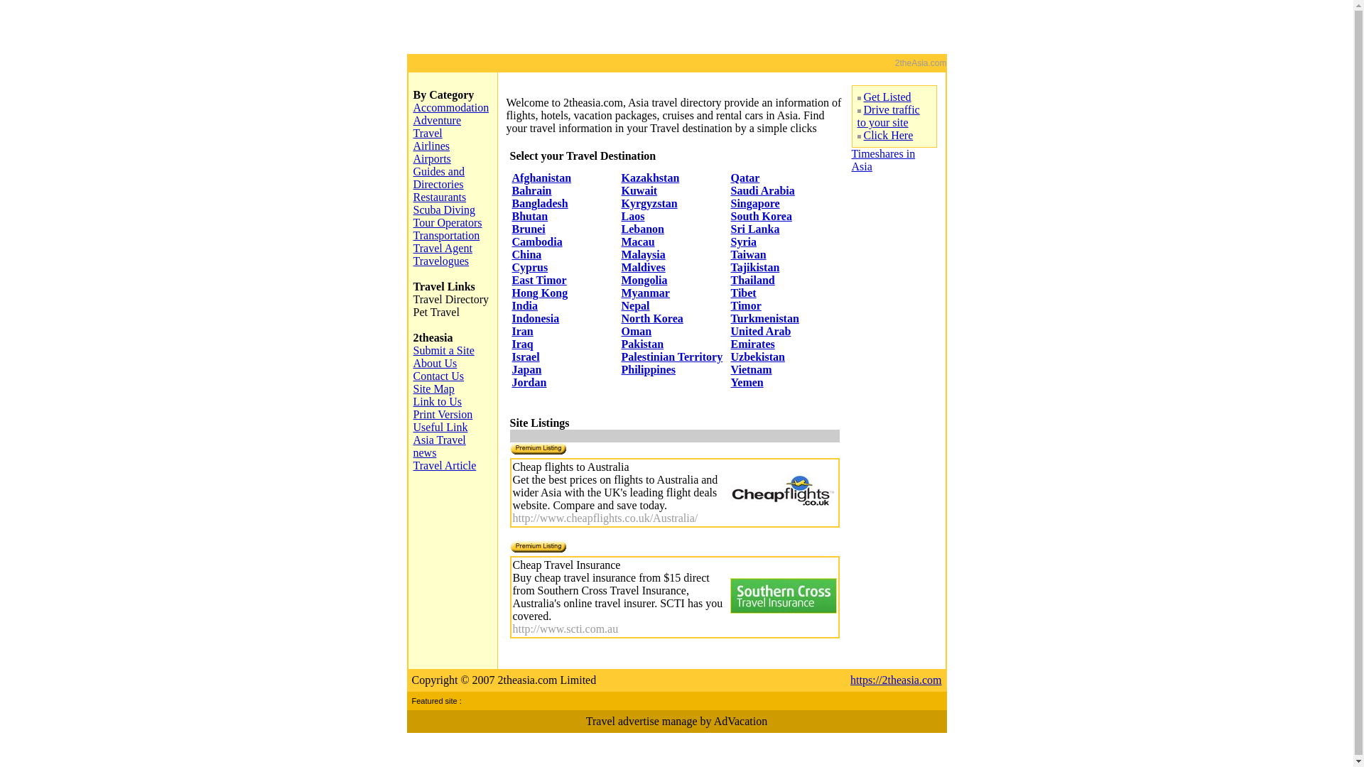 Image resolution: width=1364 pixels, height=767 pixels. Describe the element at coordinates (752, 280) in the screenshot. I see `'Thailand'` at that location.